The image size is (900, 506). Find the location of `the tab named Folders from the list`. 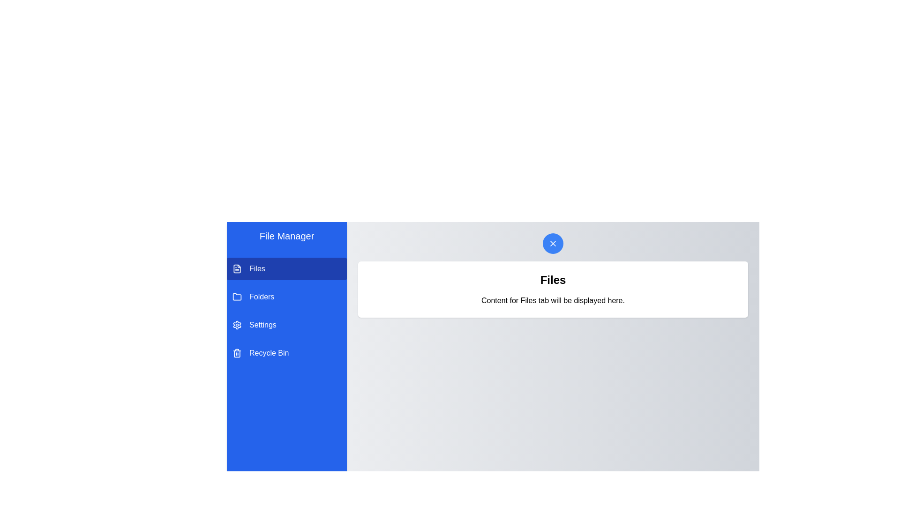

the tab named Folders from the list is located at coordinates (286, 297).